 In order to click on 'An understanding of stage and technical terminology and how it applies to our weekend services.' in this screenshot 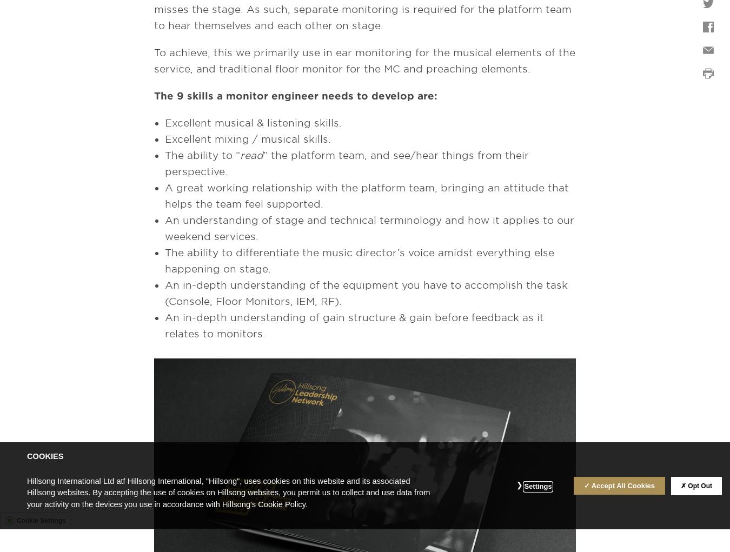, I will do `click(369, 228)`.